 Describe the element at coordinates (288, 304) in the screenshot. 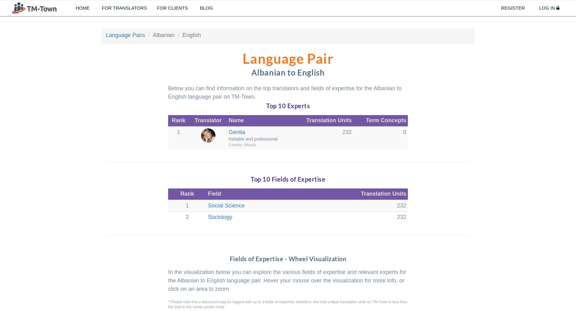

I see `'* Please note that a document may be tagged with up to 3 fields of expertise; therefore, the total unique translation units on TM-Town is less than the total in the center purple circle.'` at that location.